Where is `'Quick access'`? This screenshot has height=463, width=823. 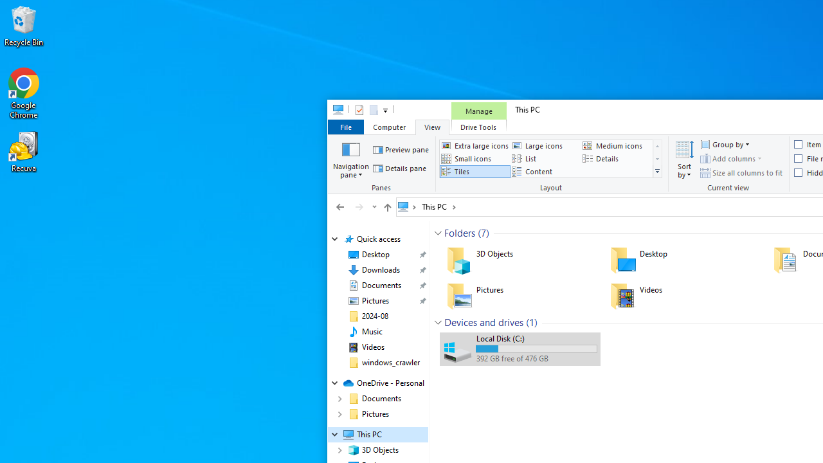
'Quick access' is located at coordinates (377, 239).